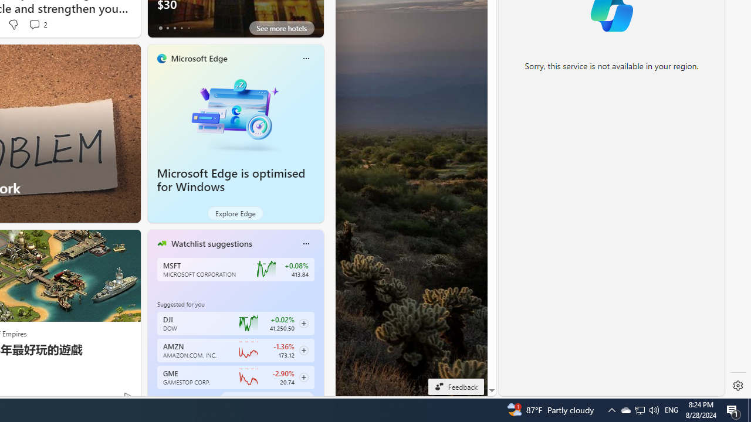  Describe the element at coordinates (160, 398) in the screenshot. I see `'tab-0'` at that location.